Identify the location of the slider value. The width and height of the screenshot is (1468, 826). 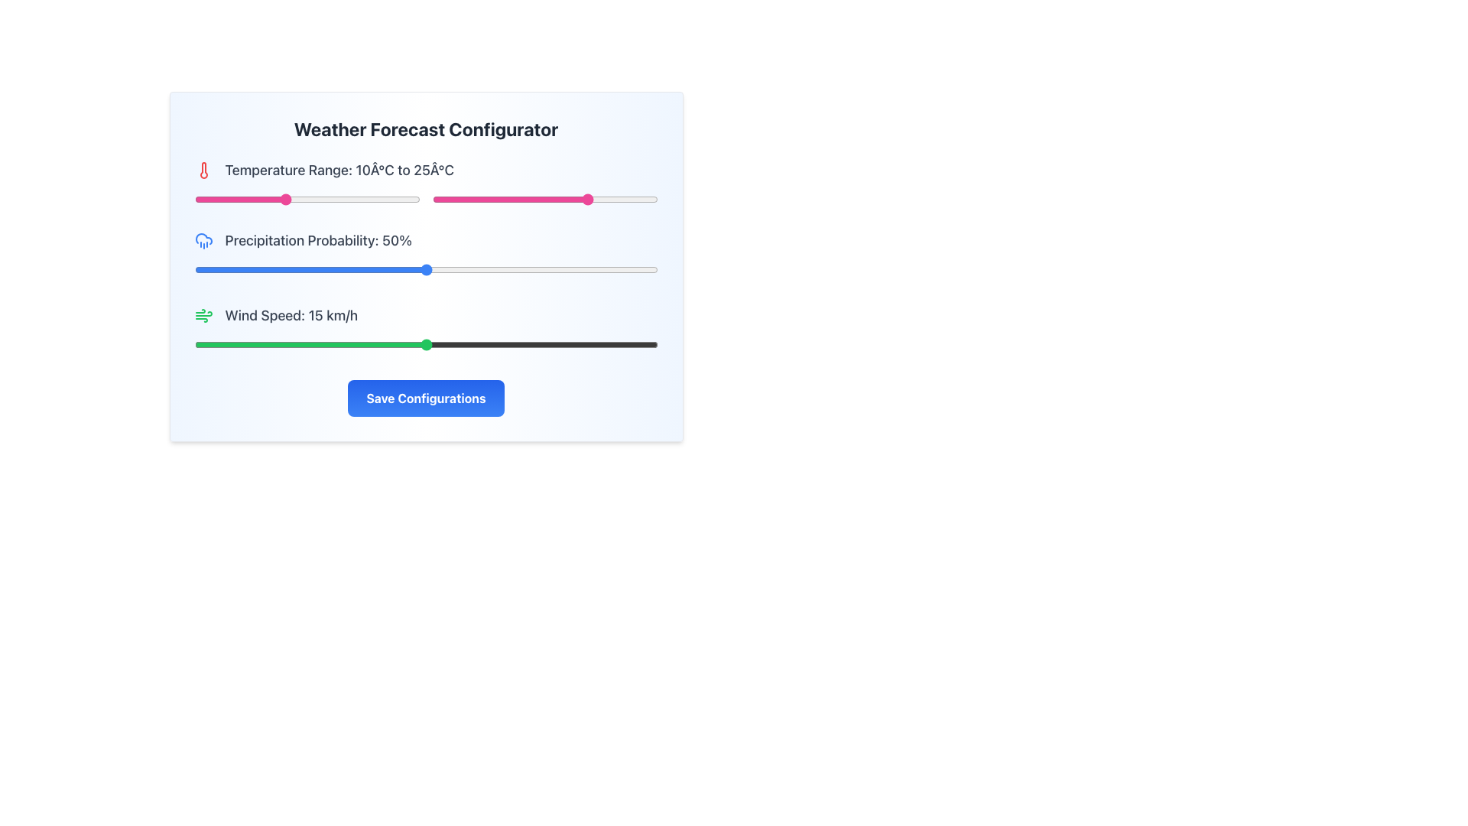
(271, 199).